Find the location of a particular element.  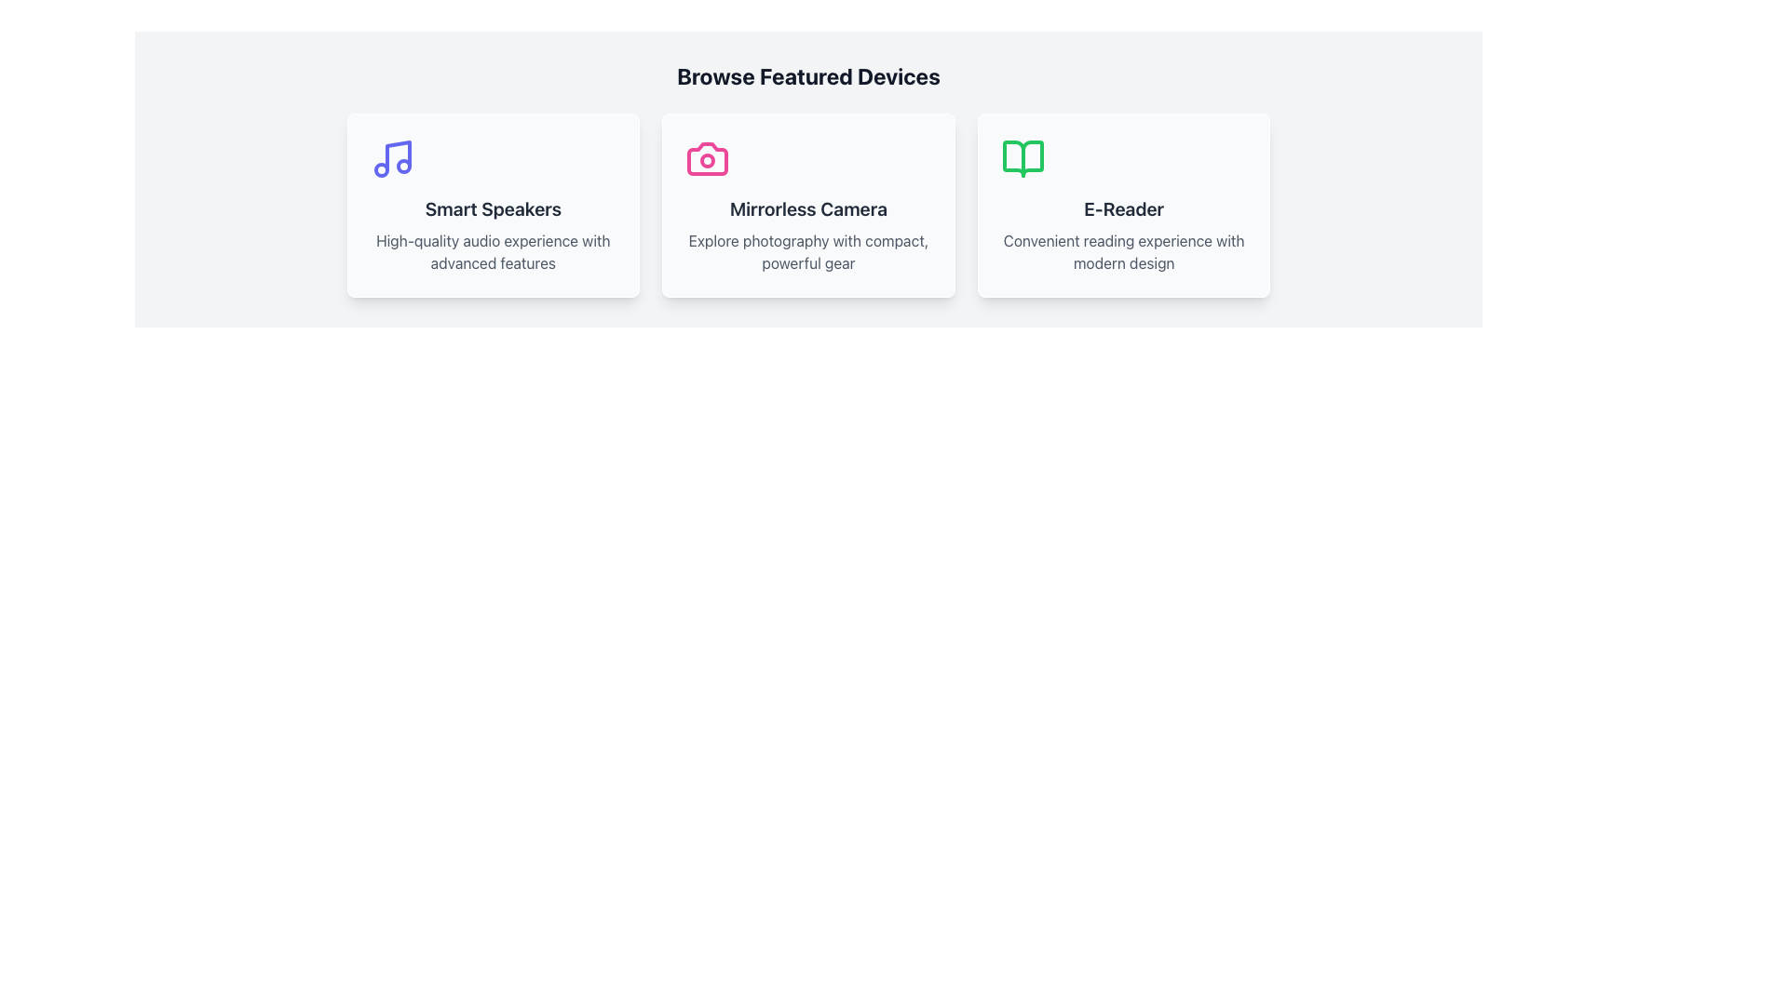

the 'E-Reader' icon located in the rightmost section of the 'Browse Featured Devices' area is located at coordinates (1022, 157).